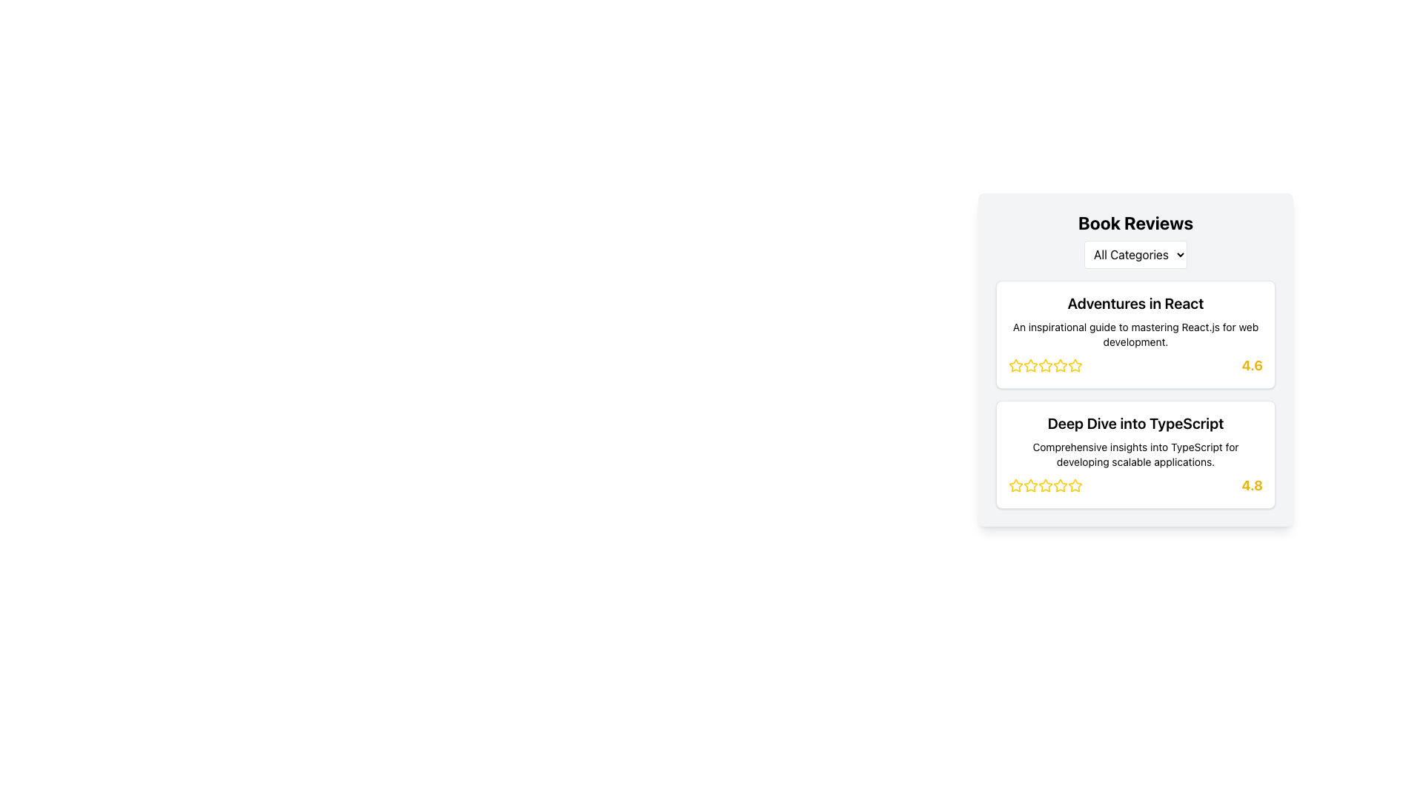 This screenshot has height=800, width=1423. What do you see at coordinates (1135, 365) in the screenshot?
I see `the Rating display section containing five star icons and the numerical rating '4.6' in bold yellow styling, located at the bottom of the 'Adventures in React' card` at bounding box center [1135, 365].